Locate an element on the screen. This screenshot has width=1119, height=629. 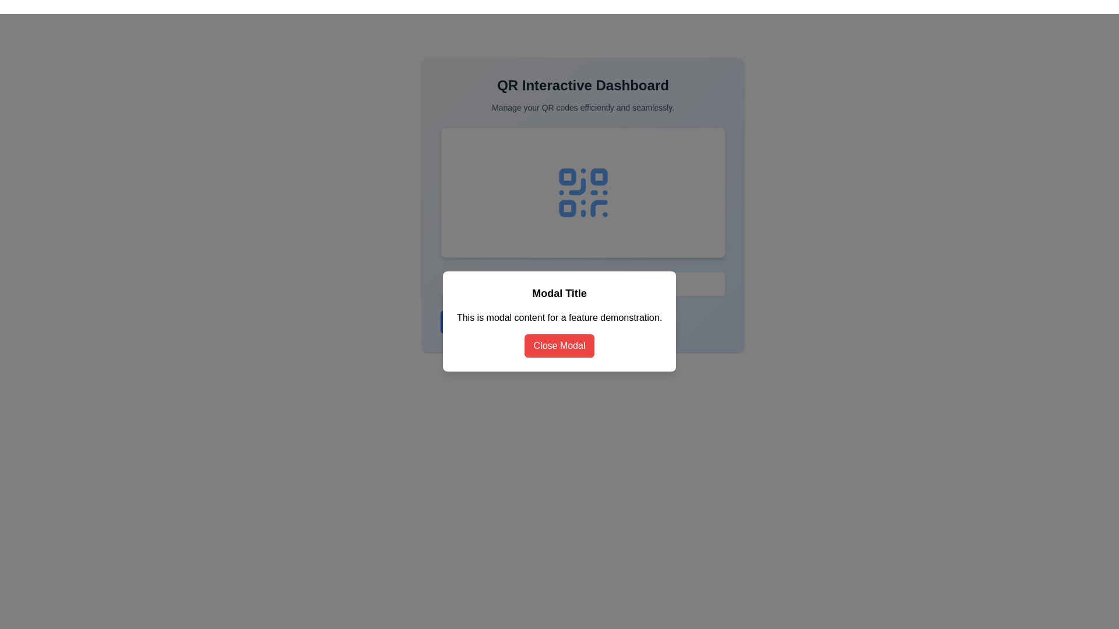
the descriptive text element located within the modal, positioned below 'Modal Title' and above 'Close Modal' is located at coordinates (583, 321).